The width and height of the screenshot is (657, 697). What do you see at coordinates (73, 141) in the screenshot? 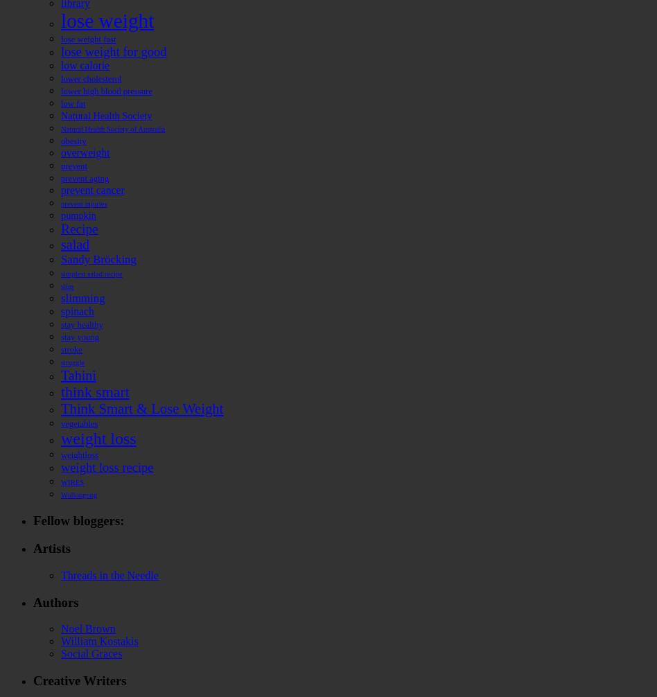
I see `'obesity'` at bounding box center [73, 141].